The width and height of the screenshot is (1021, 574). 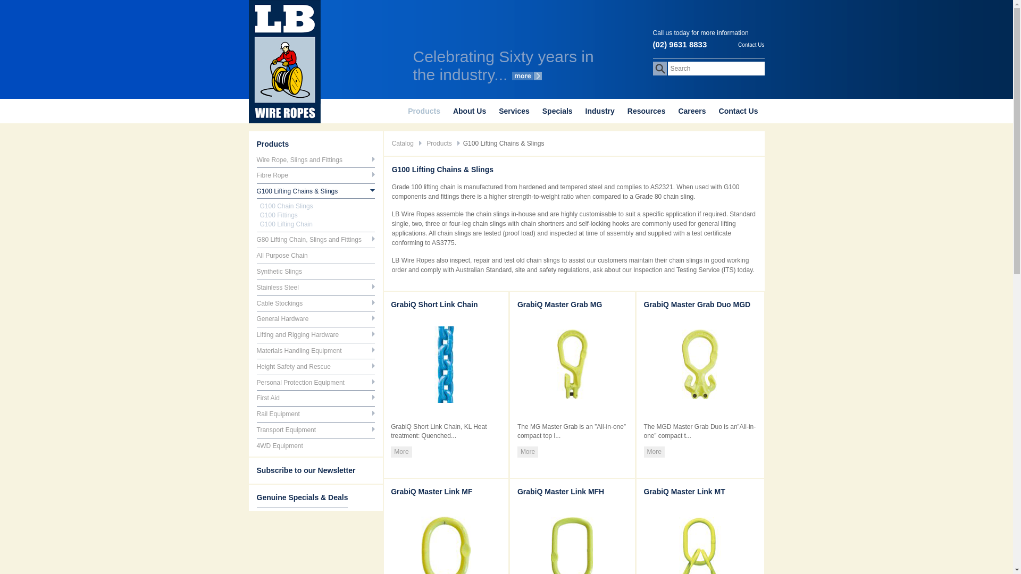 I want to click on 'Transport Equipment', so click(x=286, y=429).